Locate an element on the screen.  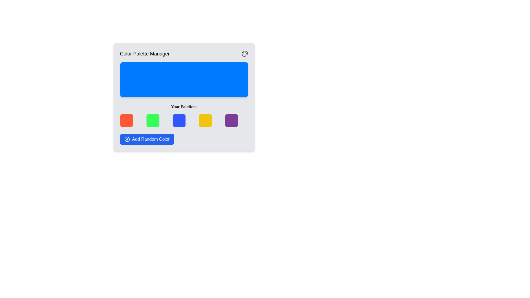
the Text Label that serves as a title or header for the section, providing a clear understanding of its purpose is located at coordinates (145, 54).